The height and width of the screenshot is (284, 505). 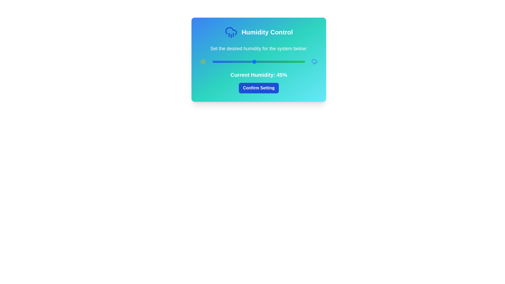 I want to click on the humidity slider to set the humidity level to 26%, so click(x=236, y=62).